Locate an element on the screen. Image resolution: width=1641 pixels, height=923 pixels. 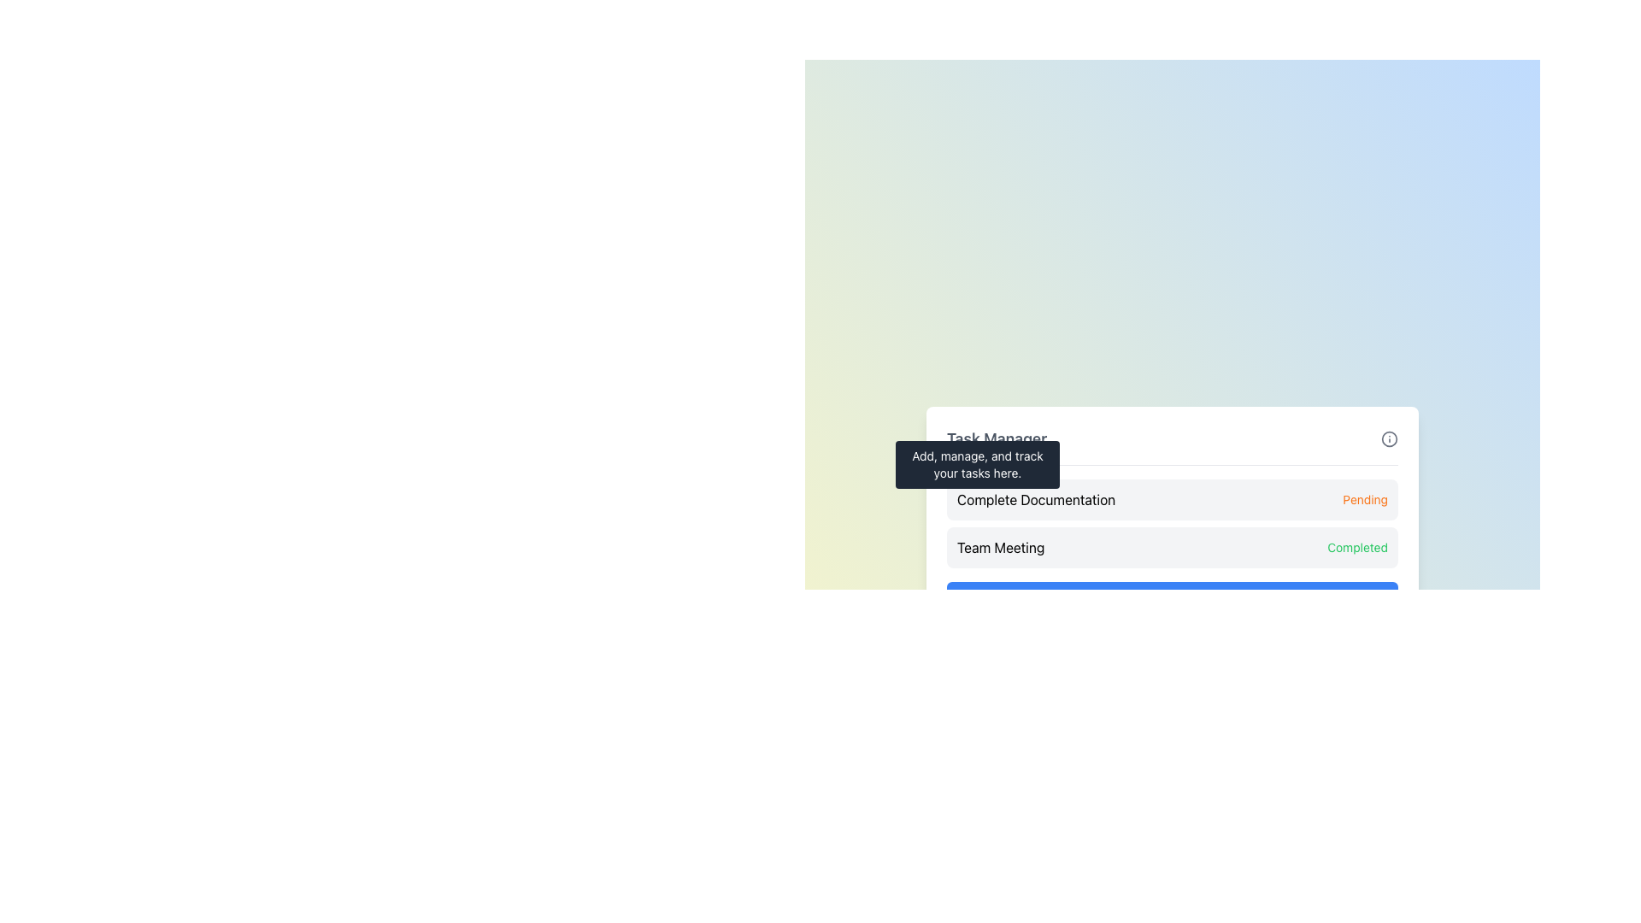
the task status section of the Task Viewer Interface is located at coordinates (1172, 520).